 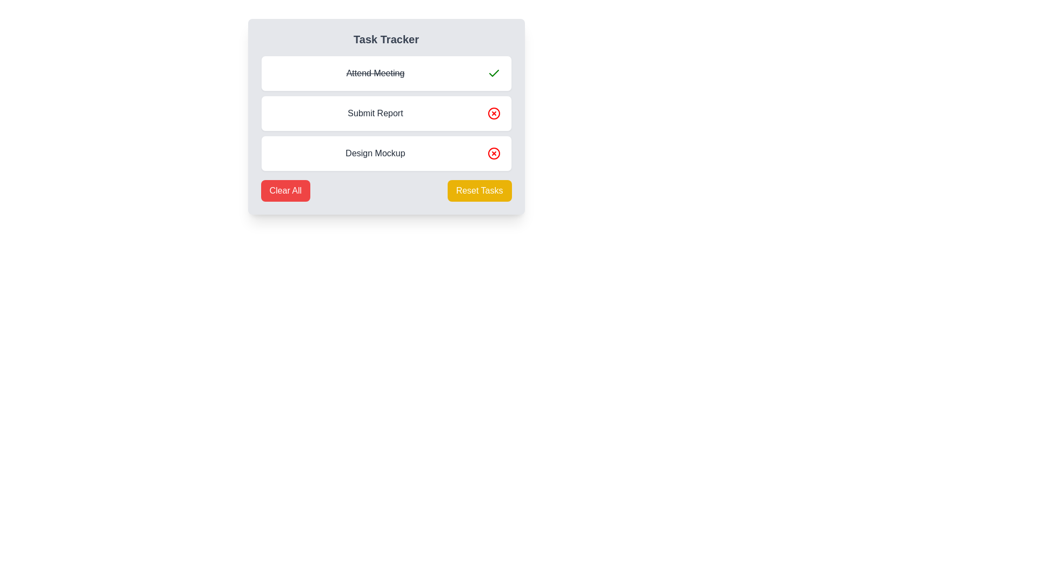 What do you see at coordinates (493, 113) in the screenshot?
I see `the delete button located to the right of the 'Submit Report' text in the second item of the vertically-stacked list` at bounding box center [493, 113].